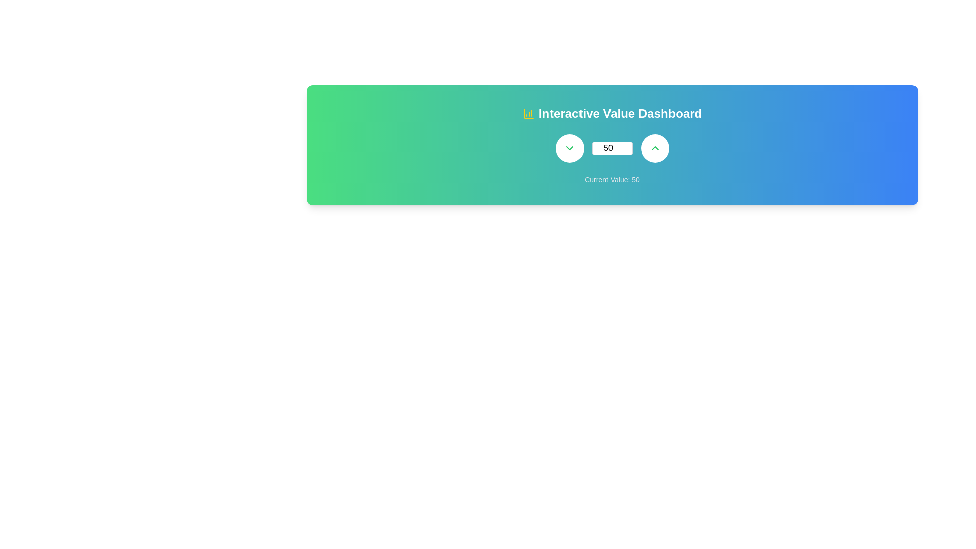 The height and width of the screenshot is (549, 976). What do you see at coordinates (655, 148) in the screenshot?
I see `the button located at the far right side of the section, next to a numerical input field` at bounding box center [655, 148].